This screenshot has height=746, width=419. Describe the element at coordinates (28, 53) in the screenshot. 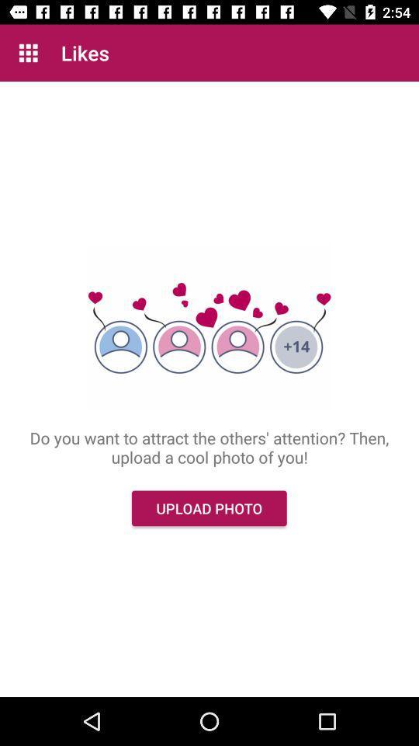

I see `item next to likes icon` at that location.